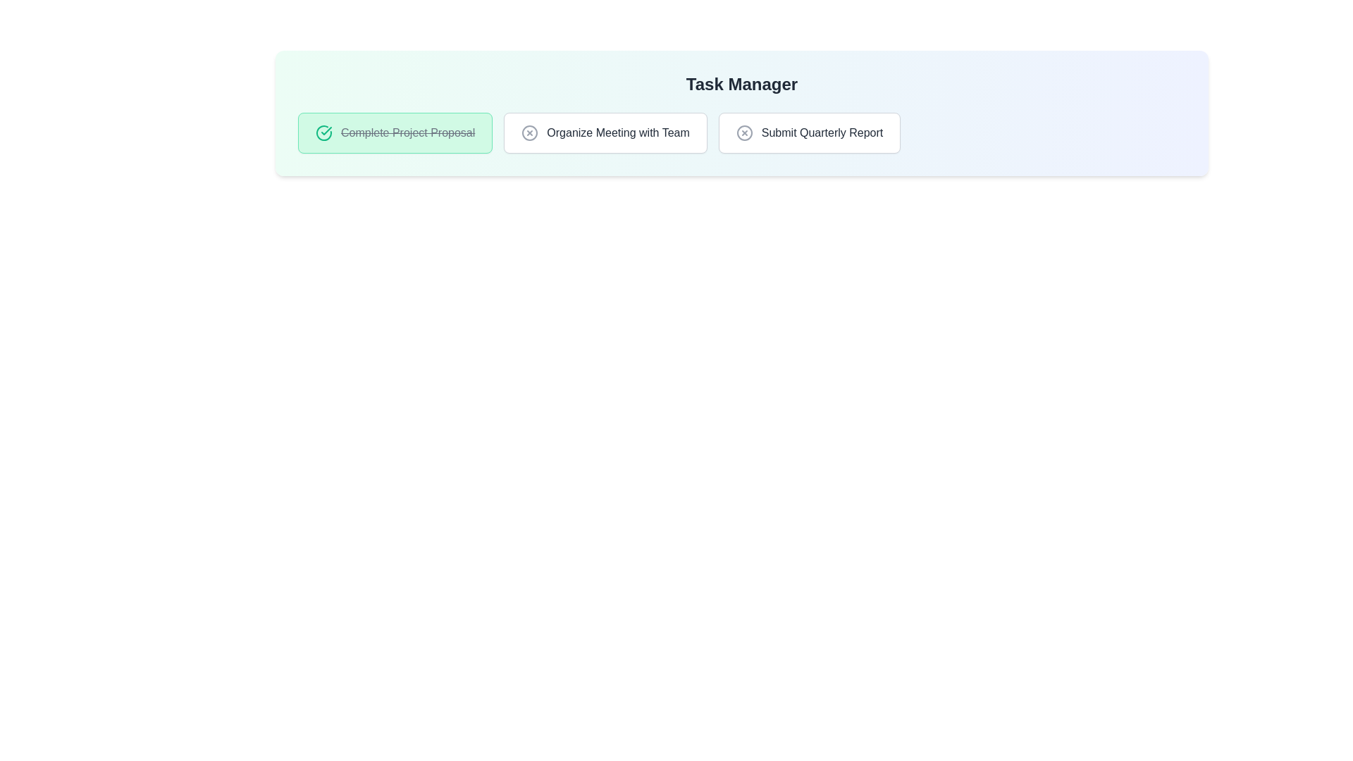 This screenshot has height=761, width=1353. I want to click on the task chip for Complete Project Proposal, so click(395, 133).